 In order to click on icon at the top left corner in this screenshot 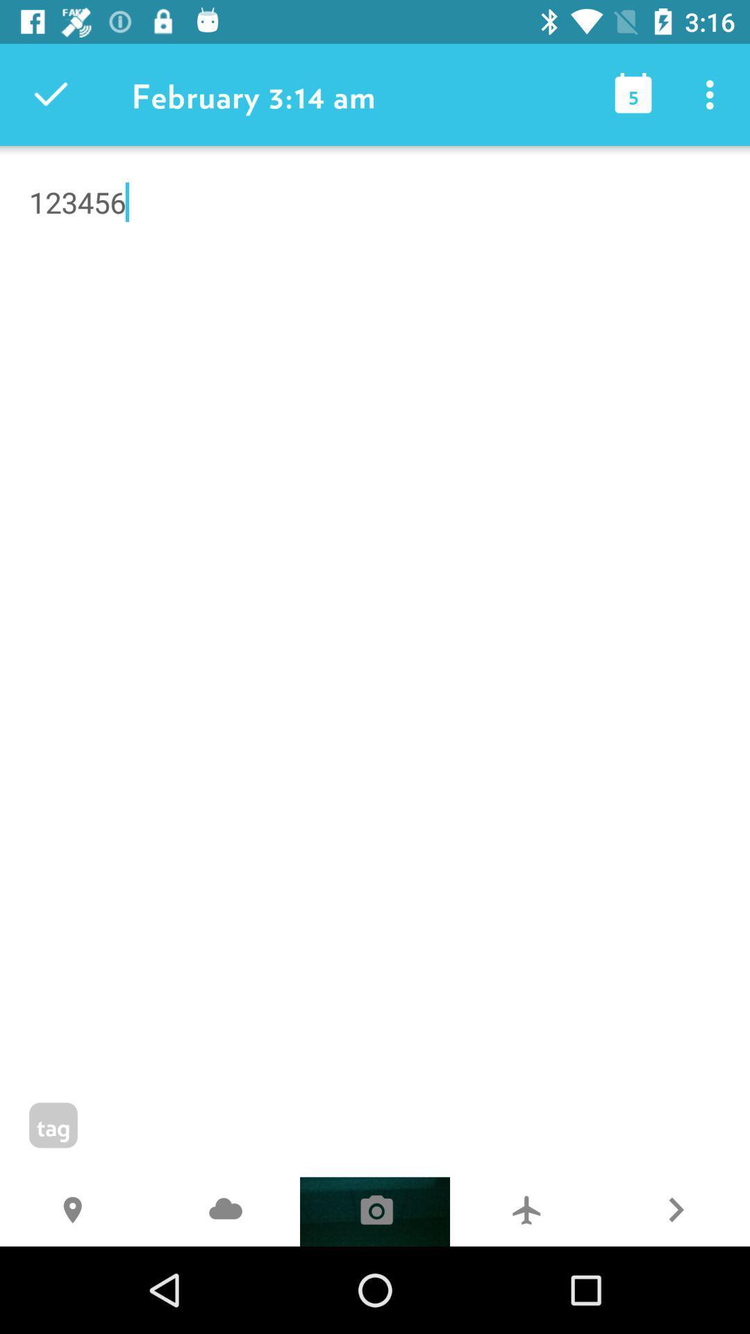, I will do `click(50, 94)`.